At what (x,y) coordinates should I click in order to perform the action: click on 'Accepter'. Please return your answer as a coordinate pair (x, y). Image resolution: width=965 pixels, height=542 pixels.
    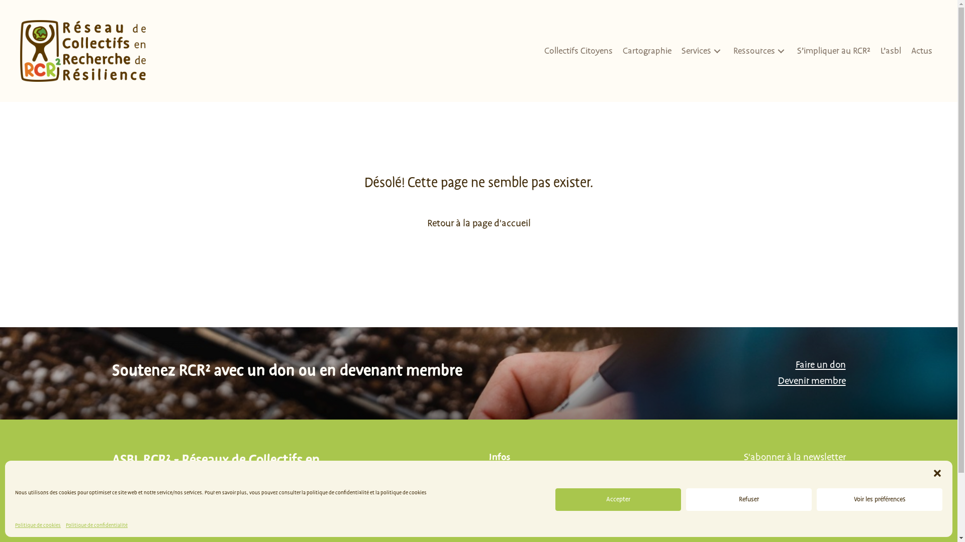
    Looking at the image, I should click on (617, 499).